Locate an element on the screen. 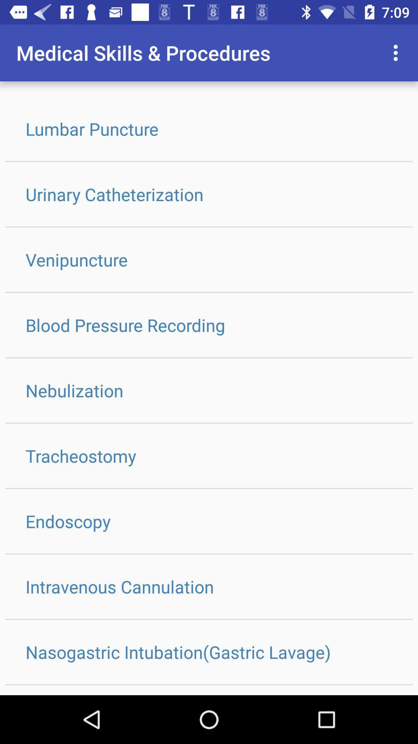  item to the right of medical skills & procedures item is located at coordinates (397, 52).